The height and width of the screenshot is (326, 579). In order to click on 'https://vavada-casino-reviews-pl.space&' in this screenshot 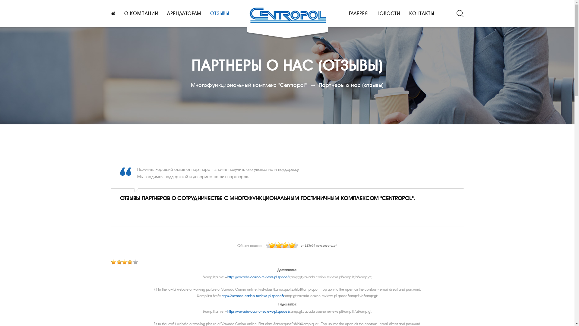, I will do `click(258, 312)`.